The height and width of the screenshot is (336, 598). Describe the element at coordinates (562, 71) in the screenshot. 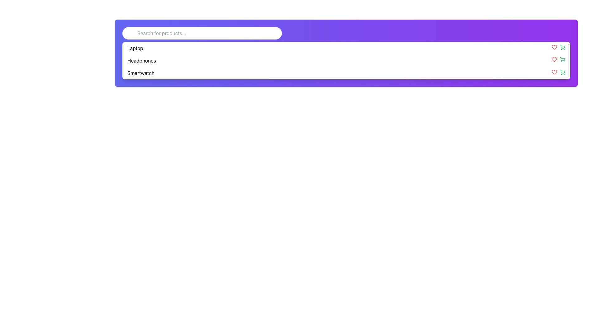

I see `the green outline of the shopping cart icon located on the far-right side of the row associated with the 'Smartwatch' item` at that location.